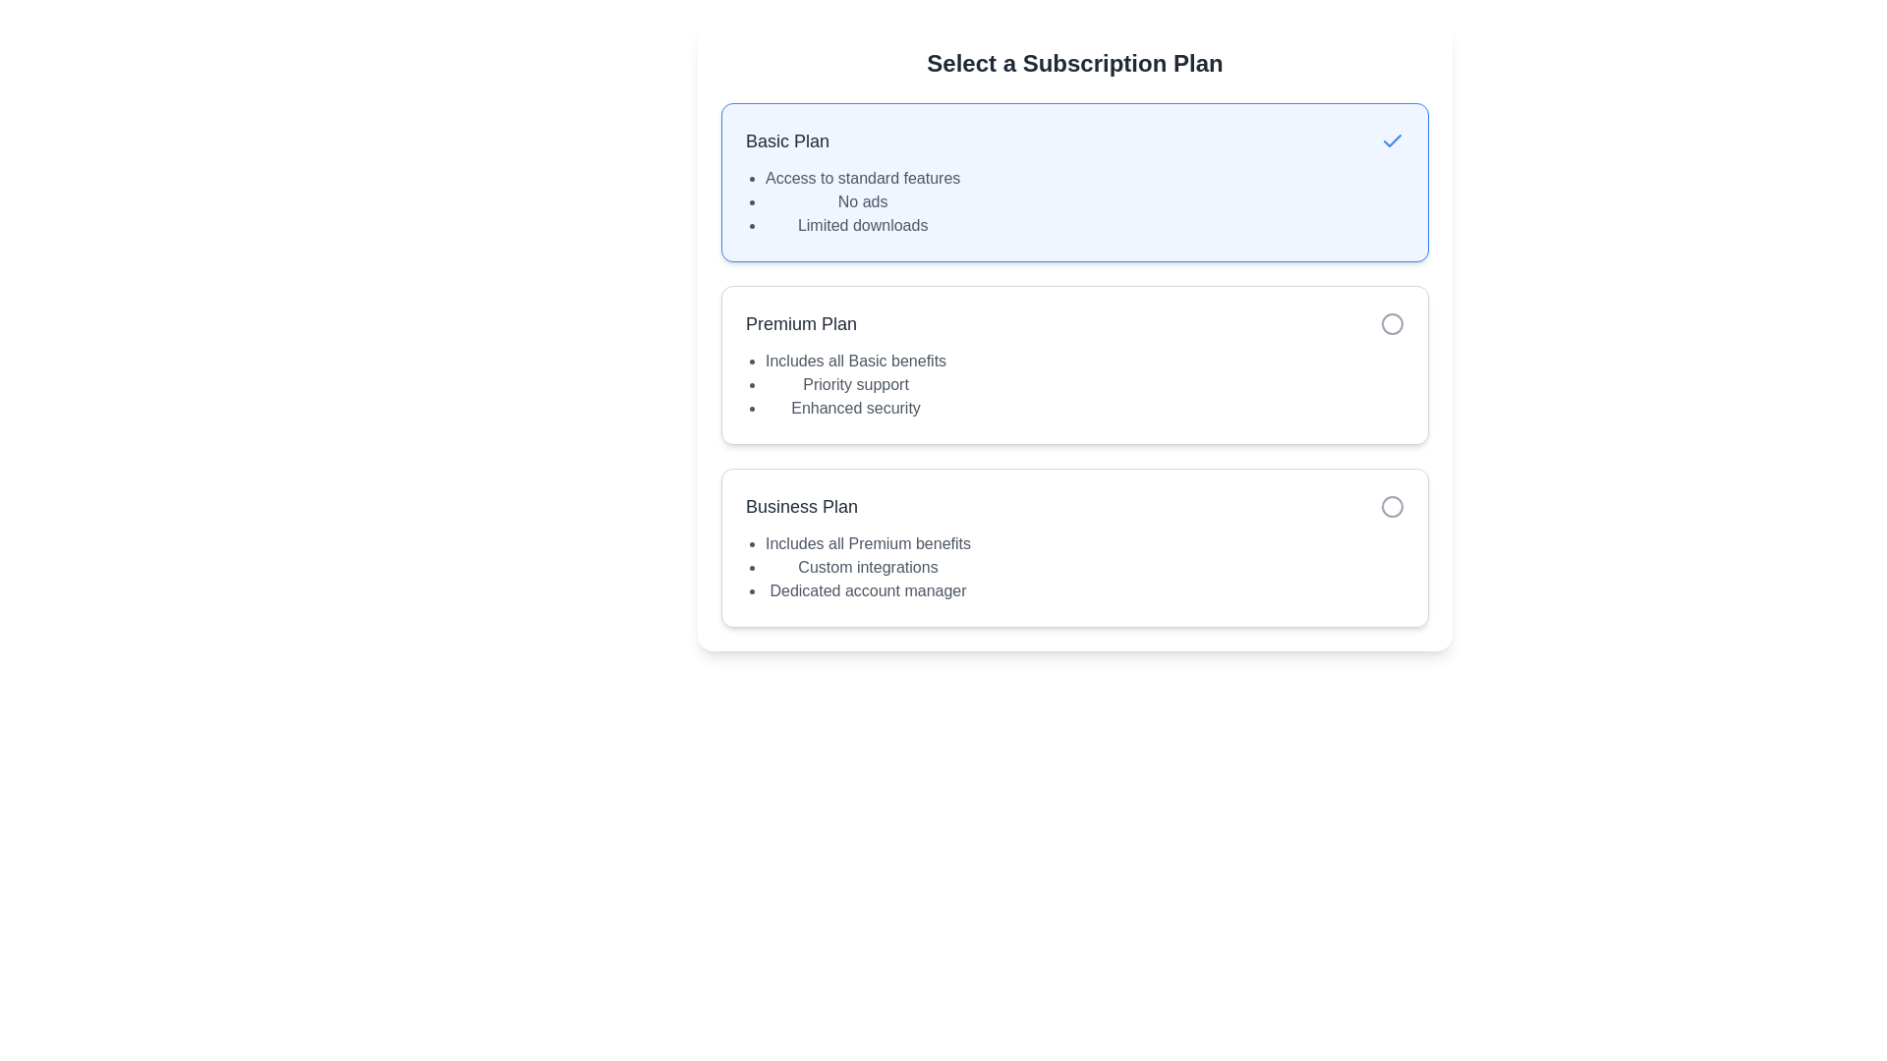 The image size is (1887, 1061). I want to click on text displayed in the bold and large Text Display element titled 'Select a Subscription Plan', which is centered at the top of the subscription selection interface, so click(1074, 63).